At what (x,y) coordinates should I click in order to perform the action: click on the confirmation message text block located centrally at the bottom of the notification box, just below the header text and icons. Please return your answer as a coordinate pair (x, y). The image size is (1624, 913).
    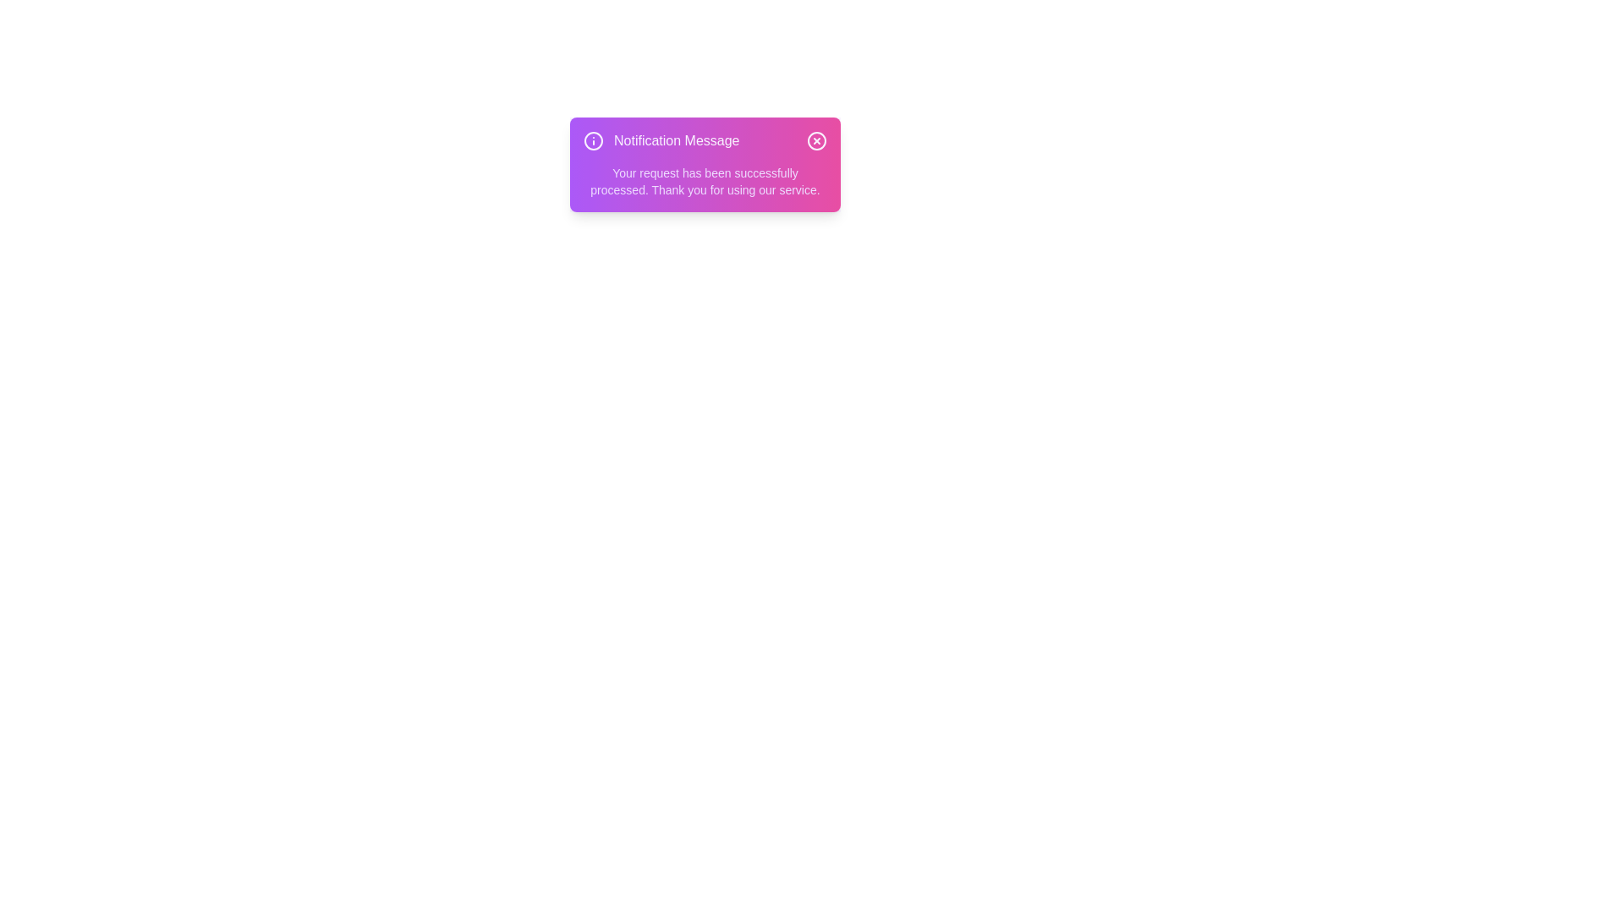
    Looking at the image, I should click on (705, 182).